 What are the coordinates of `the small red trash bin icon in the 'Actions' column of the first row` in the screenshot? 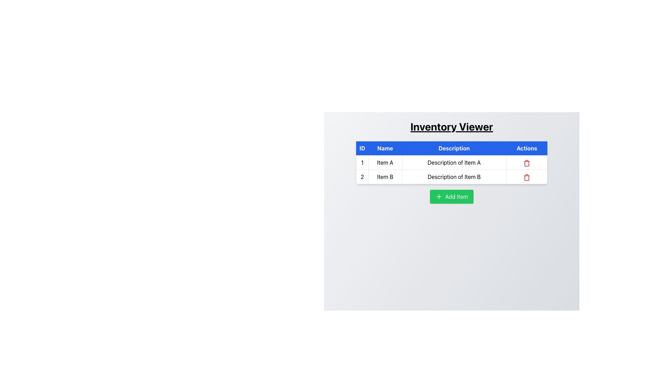 It's located at (527, 162).